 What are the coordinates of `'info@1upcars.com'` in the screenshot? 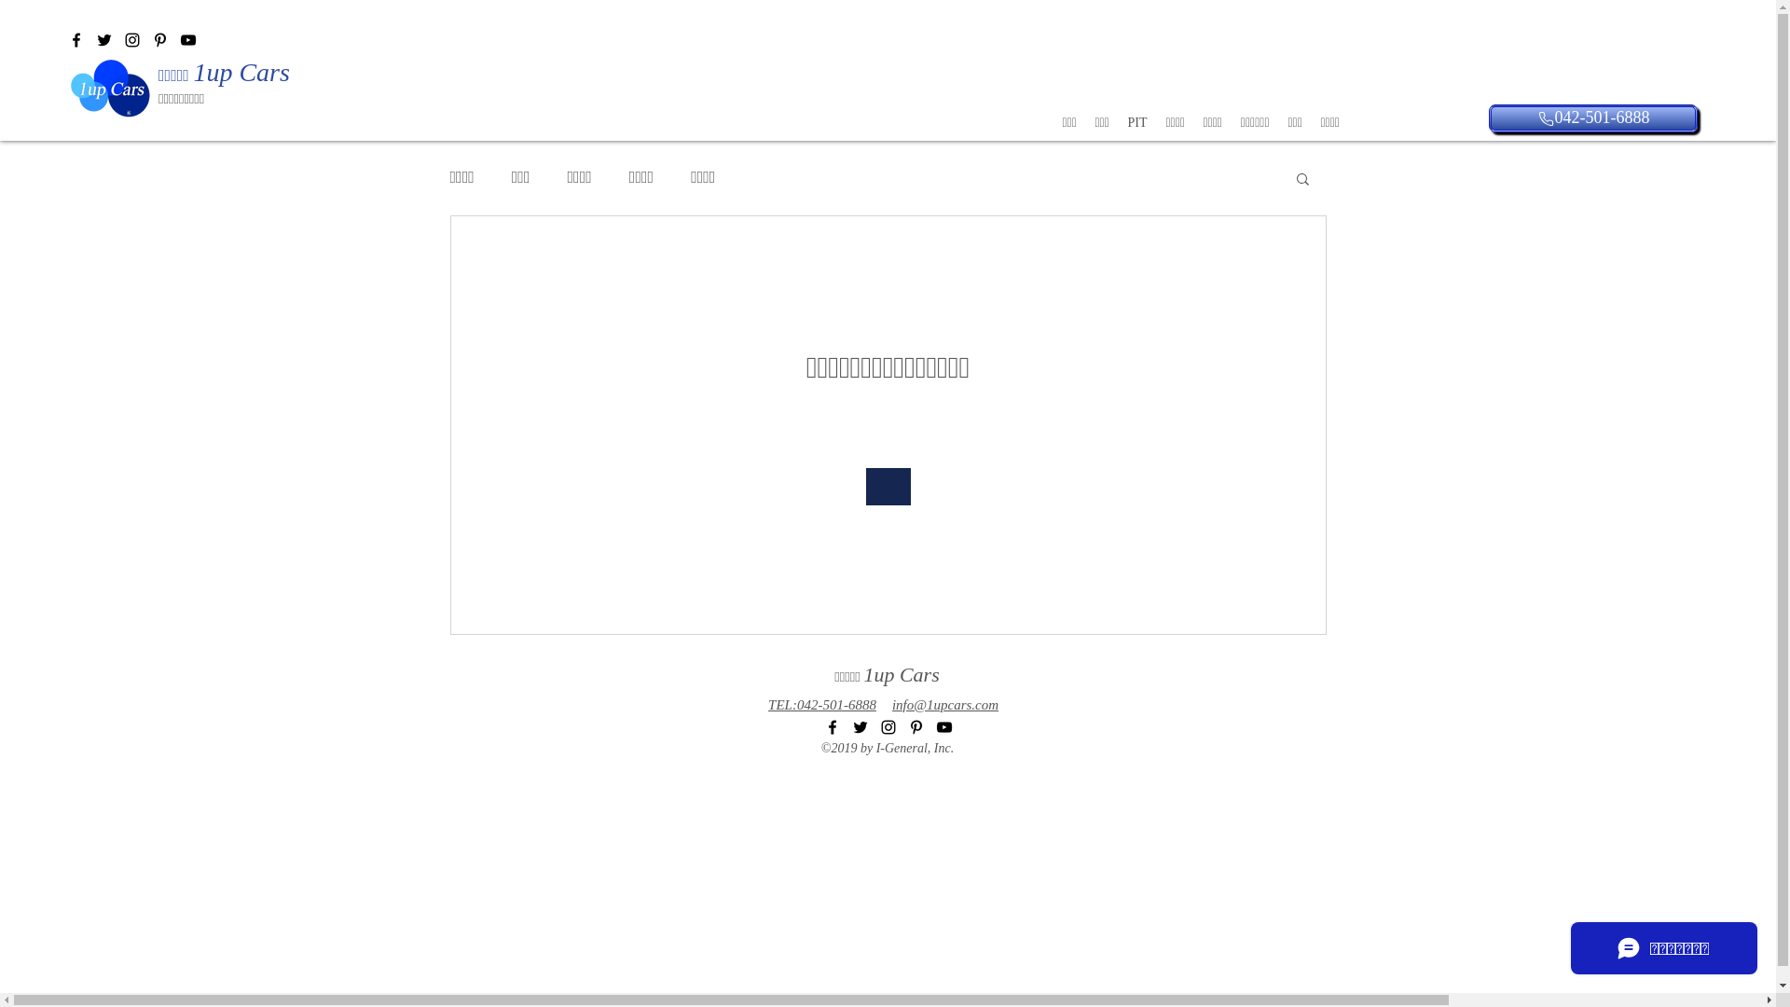 It's located at (890, 704).